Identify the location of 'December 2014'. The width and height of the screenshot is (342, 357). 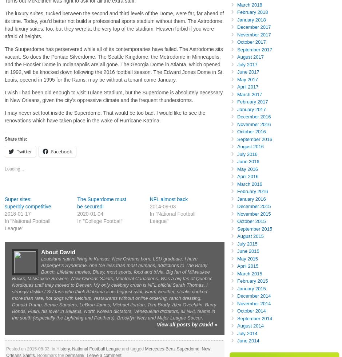
(254, 296).